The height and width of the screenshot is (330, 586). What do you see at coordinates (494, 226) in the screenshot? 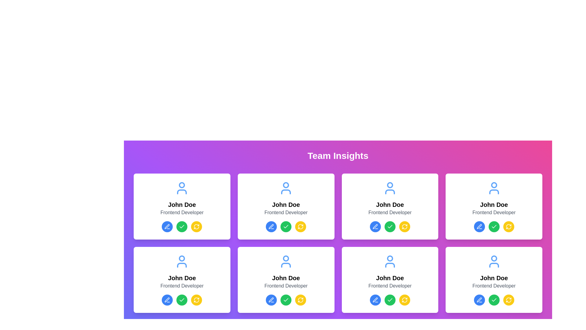
I see `the check mark icon located in the second row and second column of the grid layout, which serves as a visual confirmation symbol` at bounding box center [494, 226].